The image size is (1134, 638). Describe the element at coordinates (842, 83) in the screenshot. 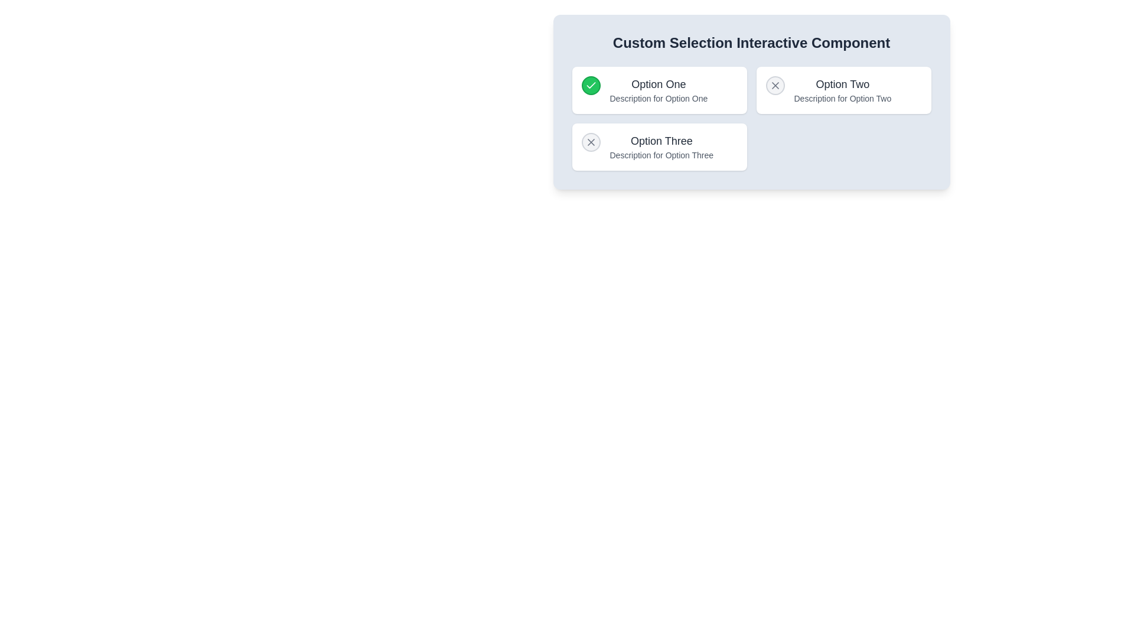

I see `the text label displaying 'Option Two' which is in bold, medium-sized, gray font, located in the top-right quadrant of the interface` at that location.